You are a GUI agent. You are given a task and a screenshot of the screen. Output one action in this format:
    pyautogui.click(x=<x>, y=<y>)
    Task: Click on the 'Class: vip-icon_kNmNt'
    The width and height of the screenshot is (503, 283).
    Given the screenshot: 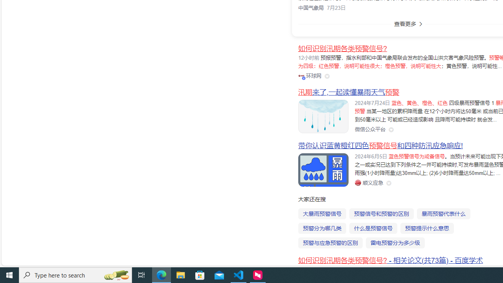 What is the action you would take?
    pyautogui.click(x=303, y=78)
    